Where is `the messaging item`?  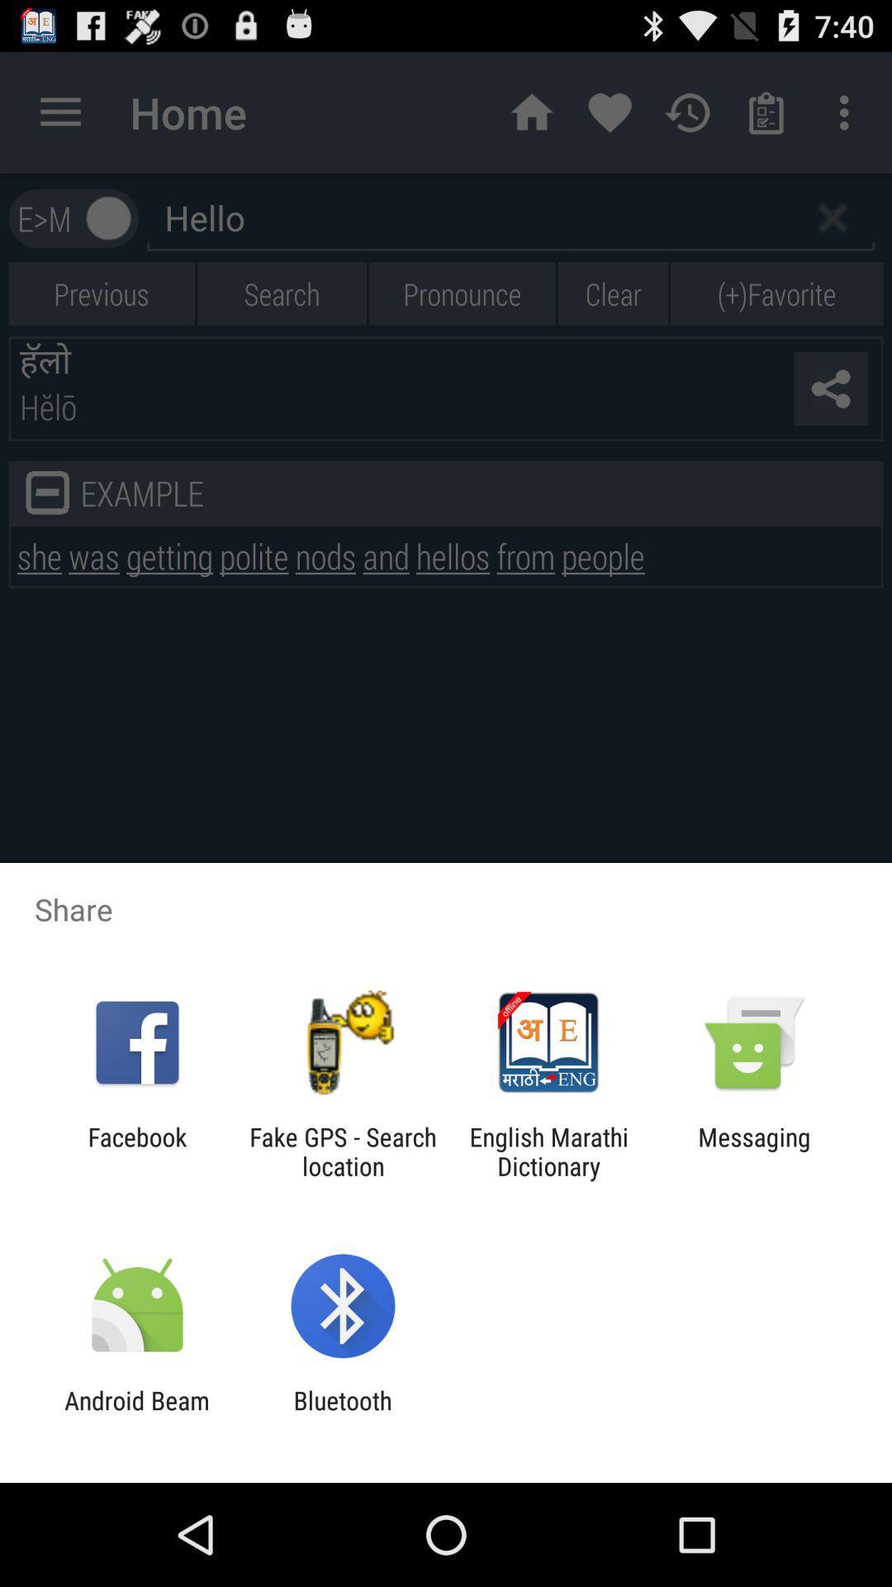 the messaging item is located at coordinates (754, 1151).